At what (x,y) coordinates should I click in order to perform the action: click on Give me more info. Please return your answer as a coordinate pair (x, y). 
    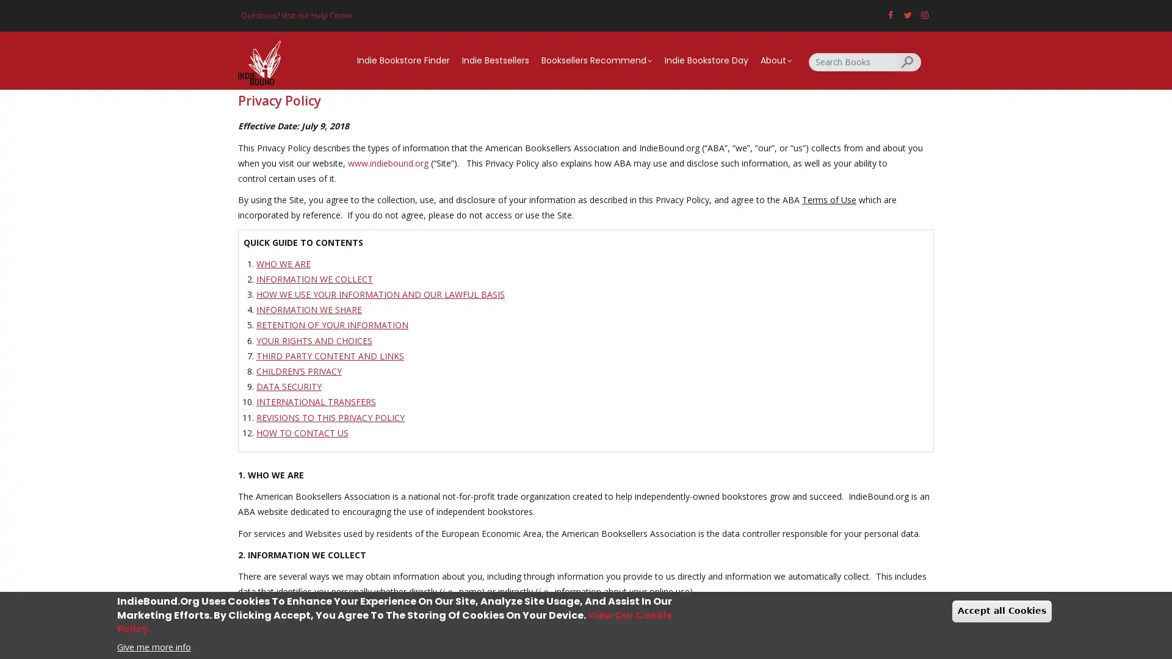
    Looking at the image, I should click on (153, 646).